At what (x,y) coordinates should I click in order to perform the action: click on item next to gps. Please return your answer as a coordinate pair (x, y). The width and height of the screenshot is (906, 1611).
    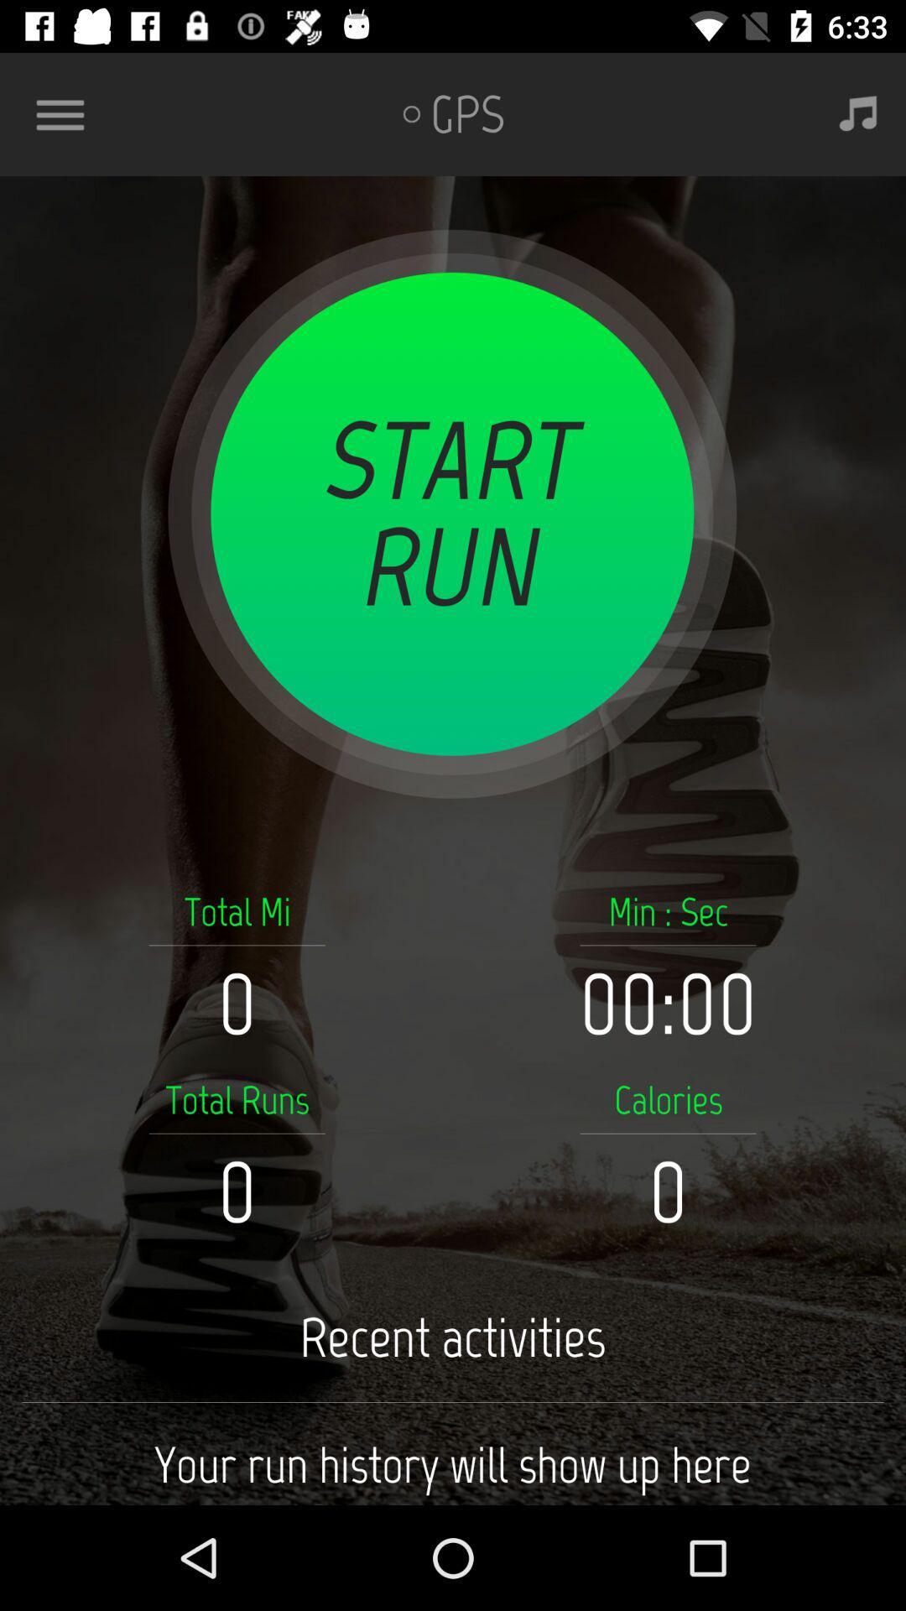
    Looking at the image, I should click on (858, 113).